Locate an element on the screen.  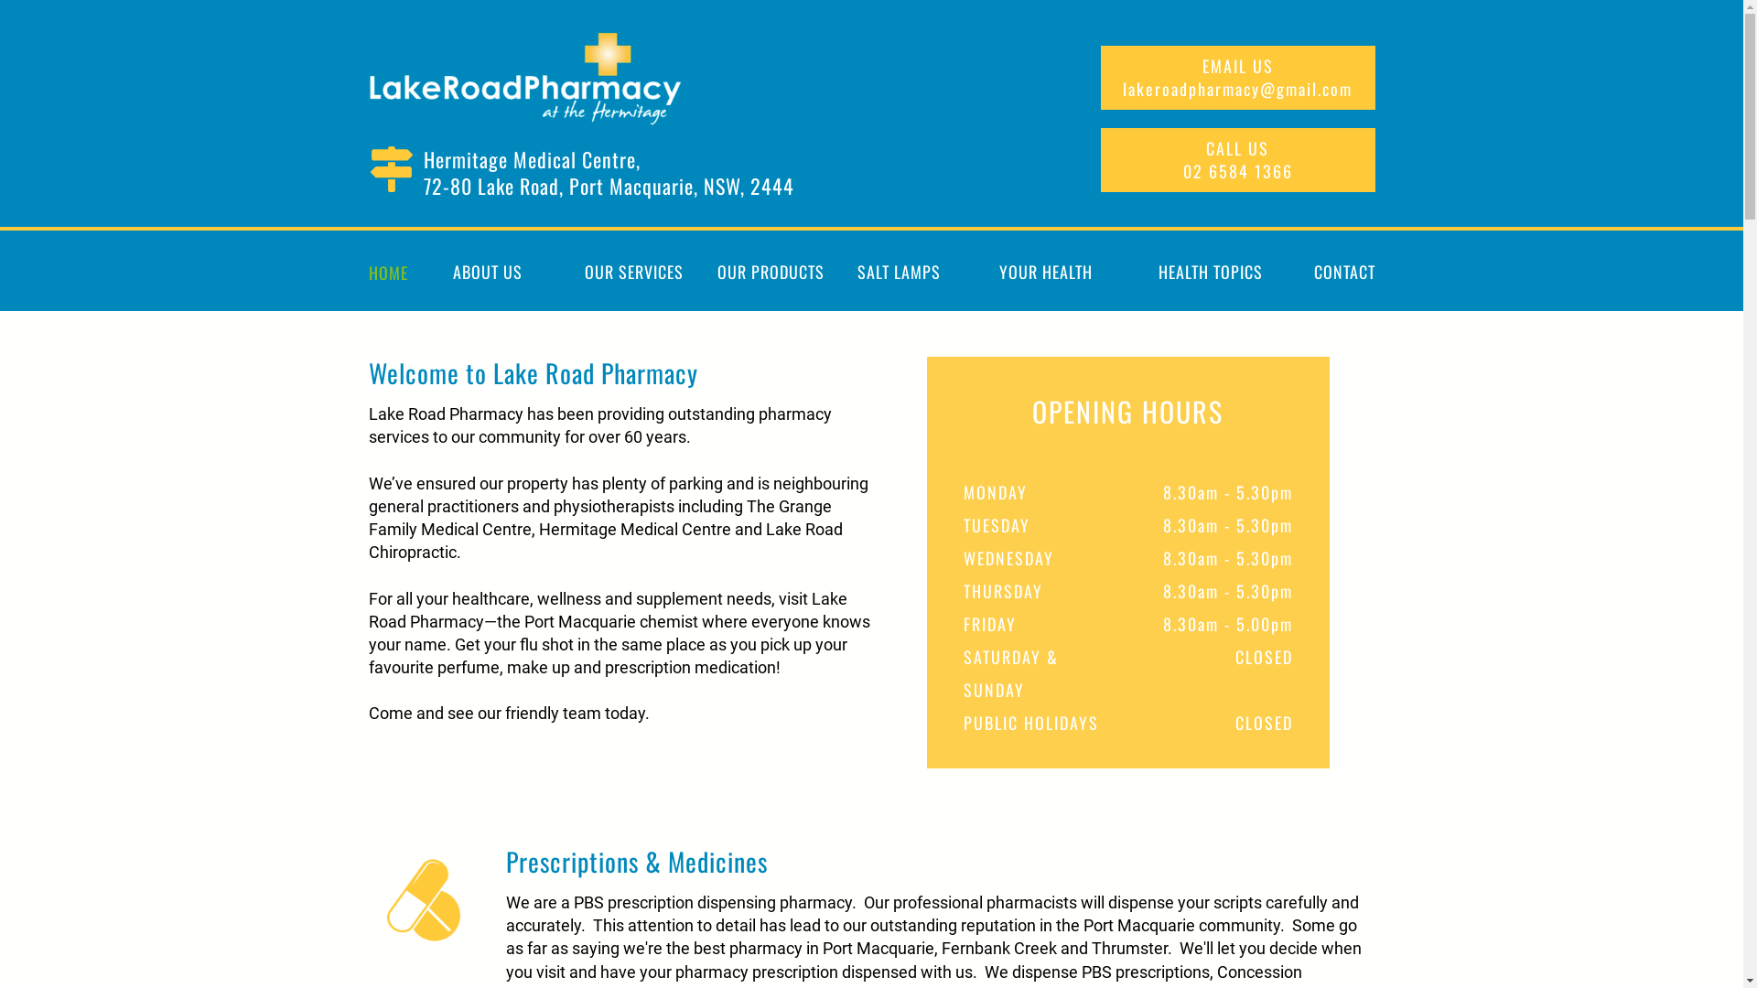
'YOUR HEALTH' is located at coordinates (1045, 272).